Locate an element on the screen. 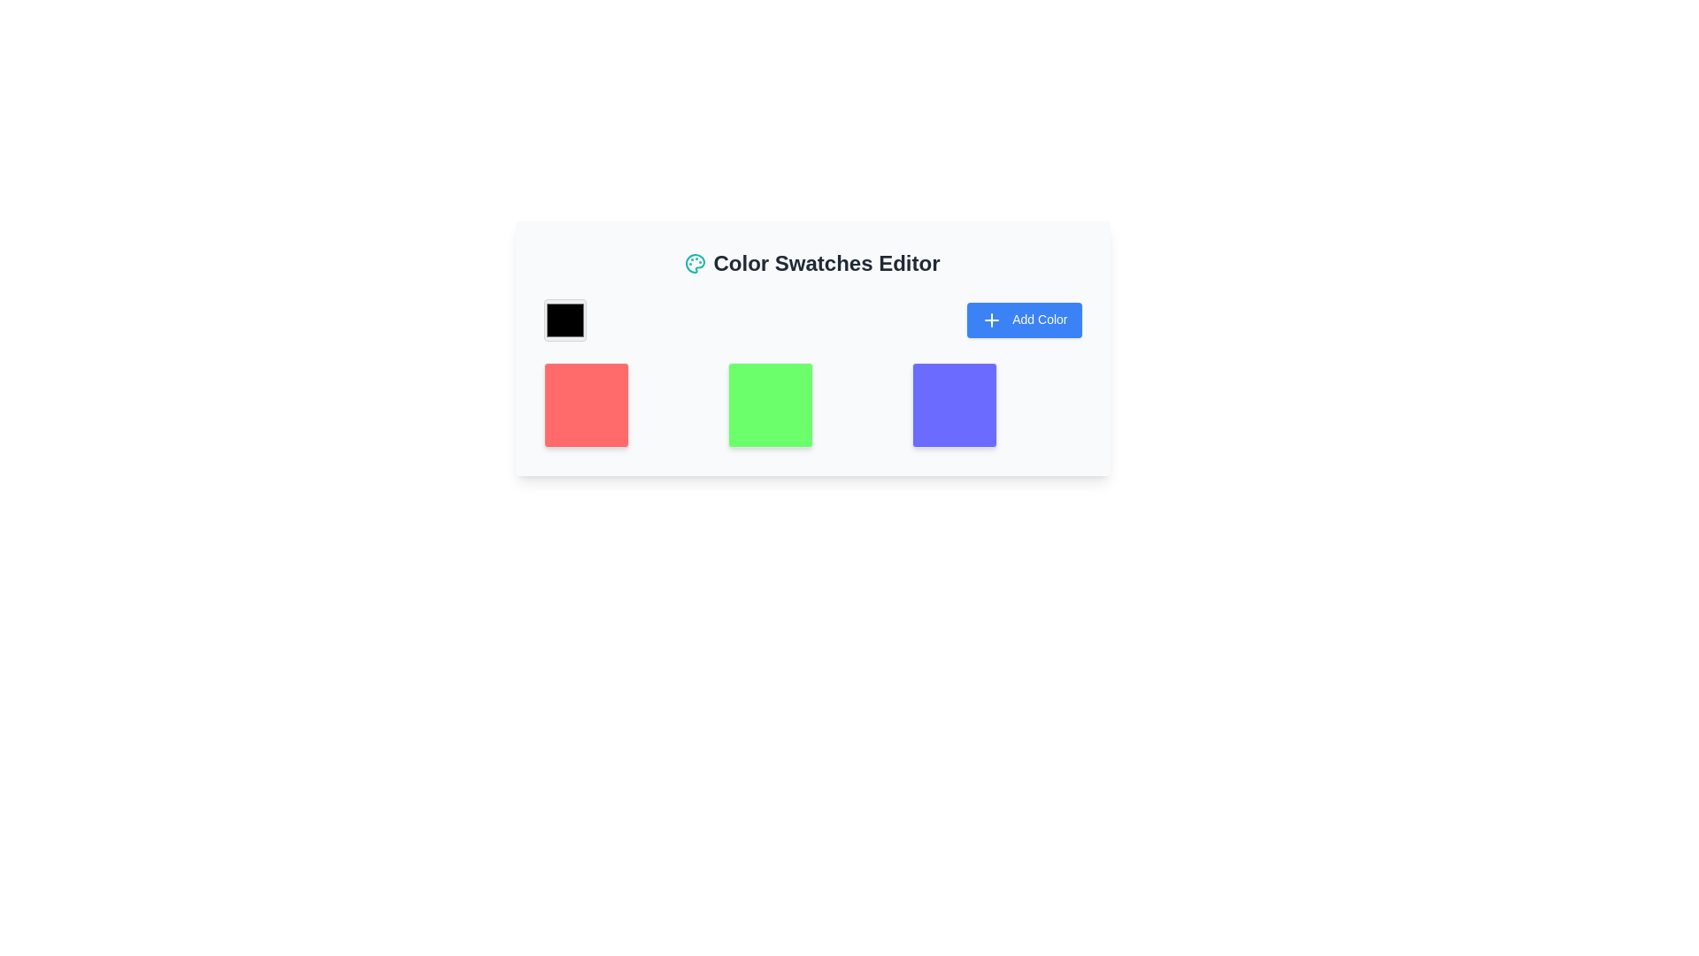 Image resolution: width=1699 pixels, height=956 pixels. the third color swatch in the palette editor is located at coordinates (996, 405).